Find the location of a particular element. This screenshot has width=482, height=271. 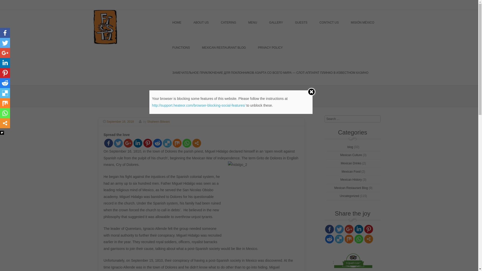

'HOME' is located at coordinates (177, 22).